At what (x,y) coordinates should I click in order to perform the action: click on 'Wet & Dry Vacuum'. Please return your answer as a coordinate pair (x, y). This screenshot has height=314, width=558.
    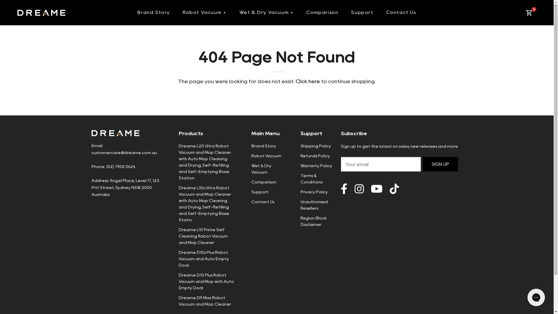
    Looking at the image, I should click on (266, 13).